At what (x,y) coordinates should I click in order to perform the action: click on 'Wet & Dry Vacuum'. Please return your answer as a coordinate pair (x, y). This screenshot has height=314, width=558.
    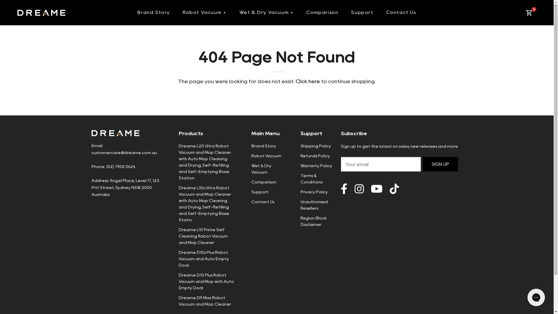
    Looking at the image, I should click on (266, 13).